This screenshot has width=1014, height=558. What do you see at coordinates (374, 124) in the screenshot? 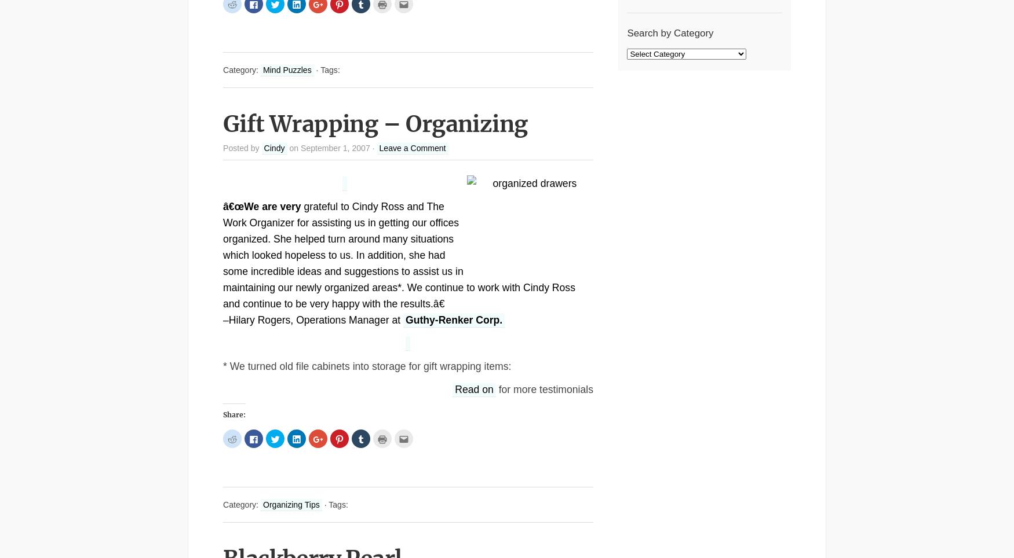
I see `'Gift Wrapping – Organizing'` at bounding box center [374, 124].